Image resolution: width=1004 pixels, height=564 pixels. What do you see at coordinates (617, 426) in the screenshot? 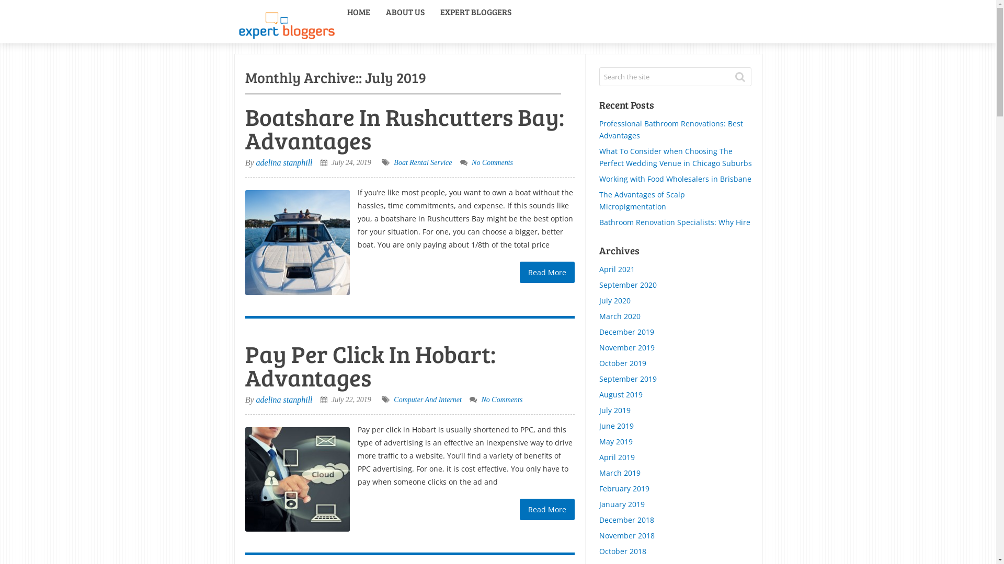
I see `'June 2019'` at bounding box center [617, 426].